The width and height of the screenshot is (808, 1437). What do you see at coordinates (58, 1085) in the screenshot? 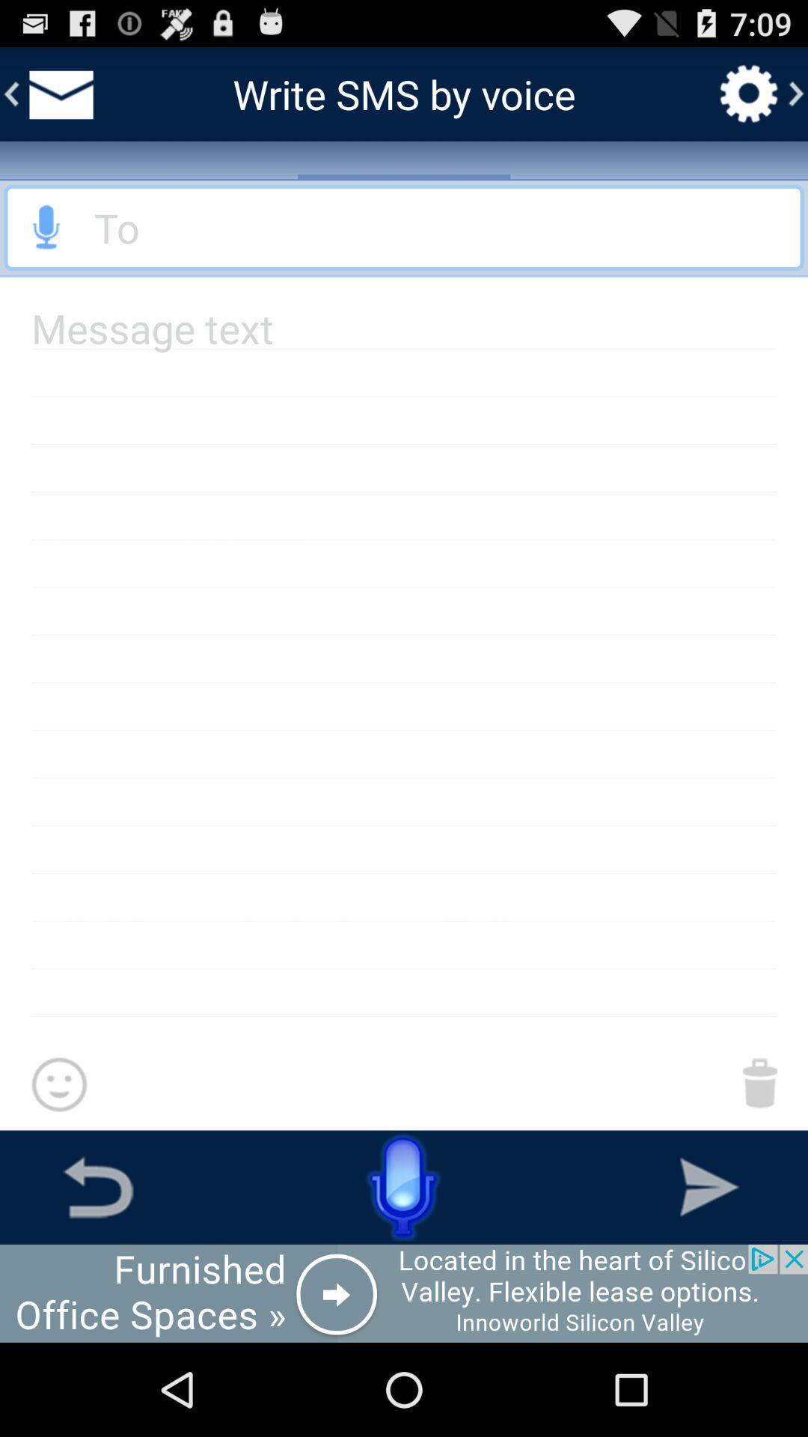
I see `emojoy` at bounding box center [58, 1085].